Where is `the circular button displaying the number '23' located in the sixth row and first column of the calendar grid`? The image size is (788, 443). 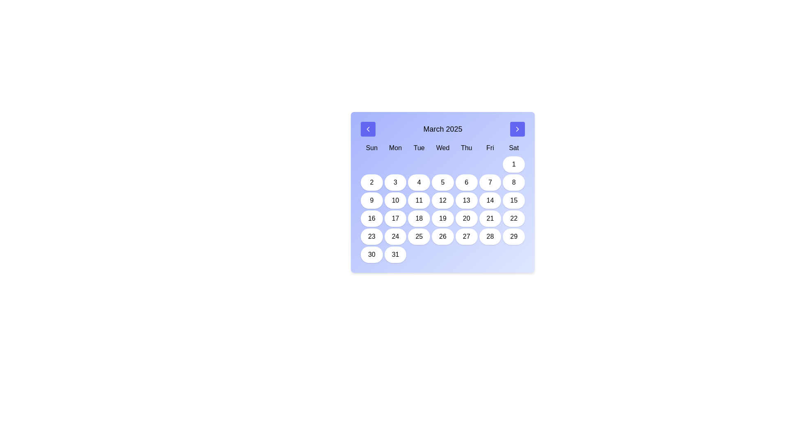 the circular button displaying the number '23' located in the sixth row and first column of the calendar grid is located at coordinates (371, 237).